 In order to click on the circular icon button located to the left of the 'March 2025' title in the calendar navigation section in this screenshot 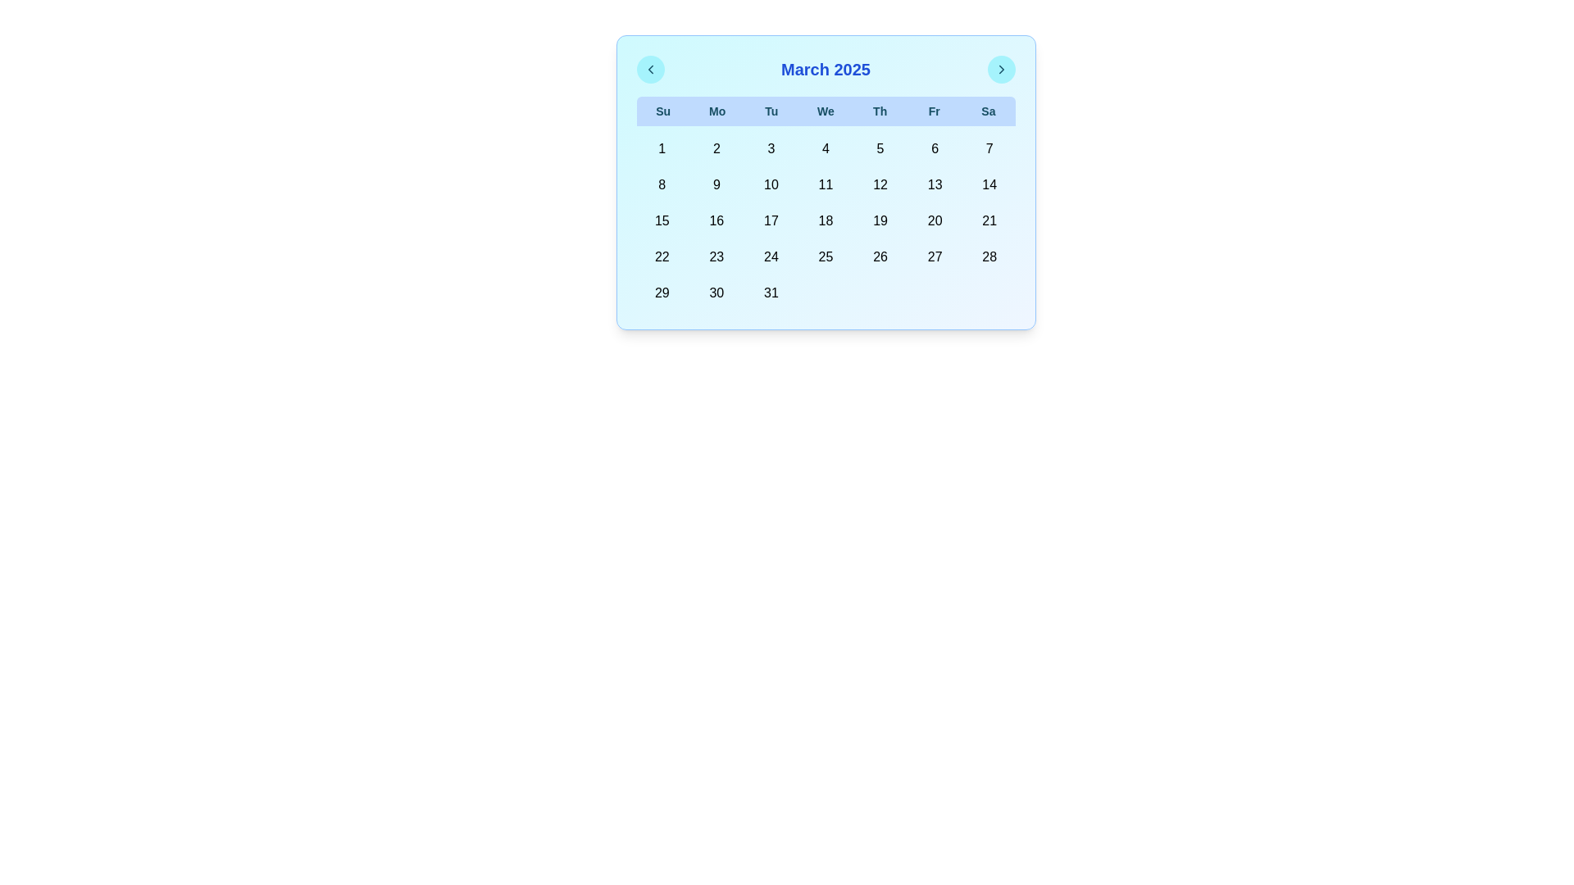, I will do `click(649, 68)`.